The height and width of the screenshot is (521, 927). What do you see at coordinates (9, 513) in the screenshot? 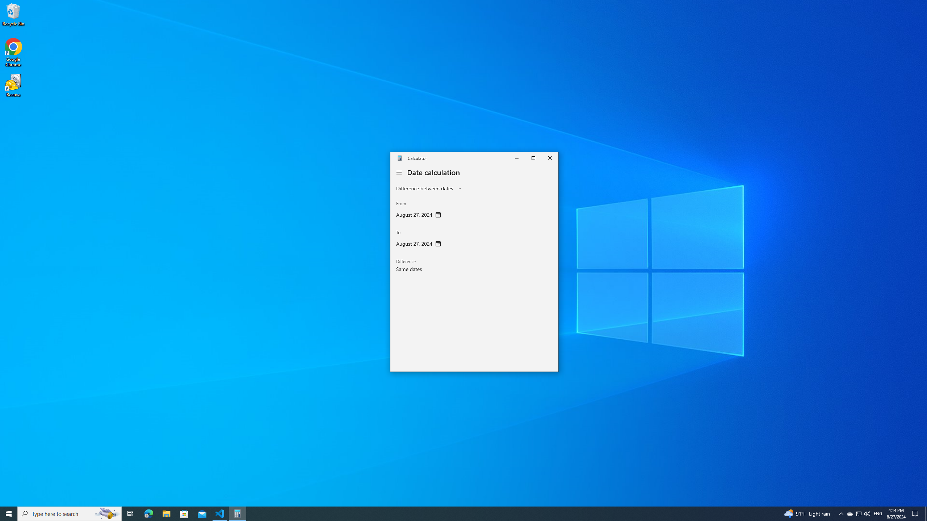
I see `'Start'` at bounding box center [9, 513].